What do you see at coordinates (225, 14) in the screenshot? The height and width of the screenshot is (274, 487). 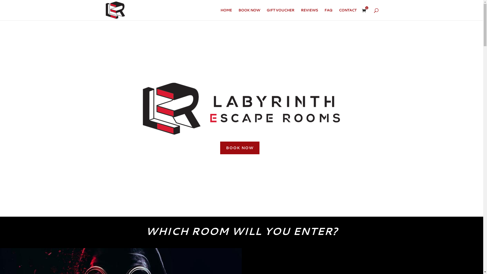 I see `'HOME'` at bounding box center [225, 14].